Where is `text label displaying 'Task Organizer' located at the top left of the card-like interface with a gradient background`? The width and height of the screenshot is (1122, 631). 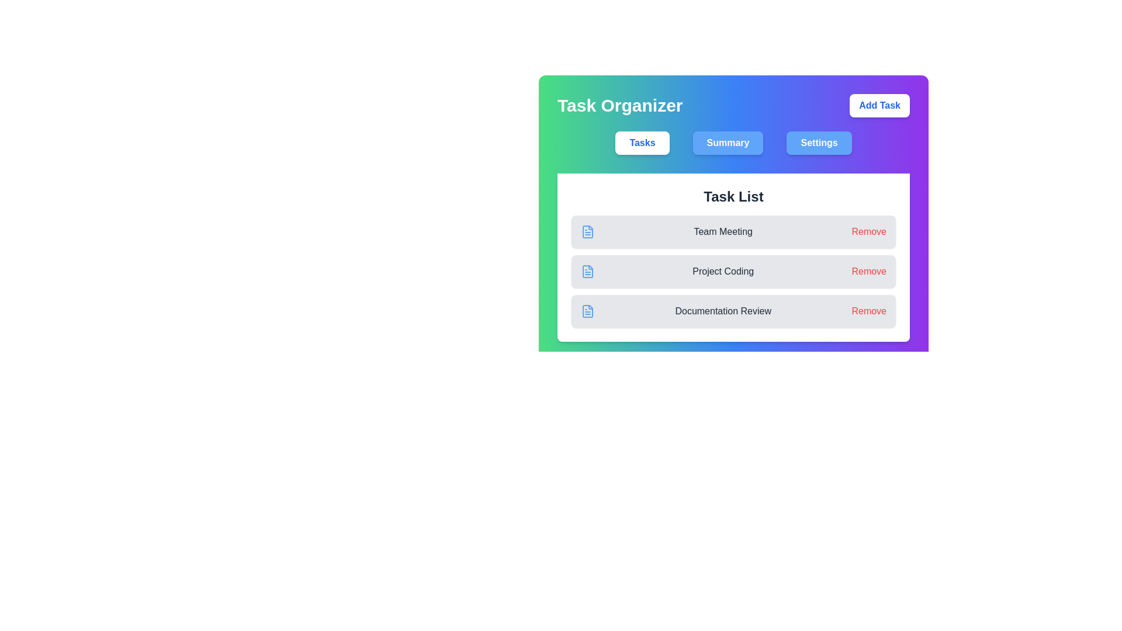 text label displaying 'Task Organizer' located at the top left of the card-like interface with a gradient background is located at coordinates (619, 106).